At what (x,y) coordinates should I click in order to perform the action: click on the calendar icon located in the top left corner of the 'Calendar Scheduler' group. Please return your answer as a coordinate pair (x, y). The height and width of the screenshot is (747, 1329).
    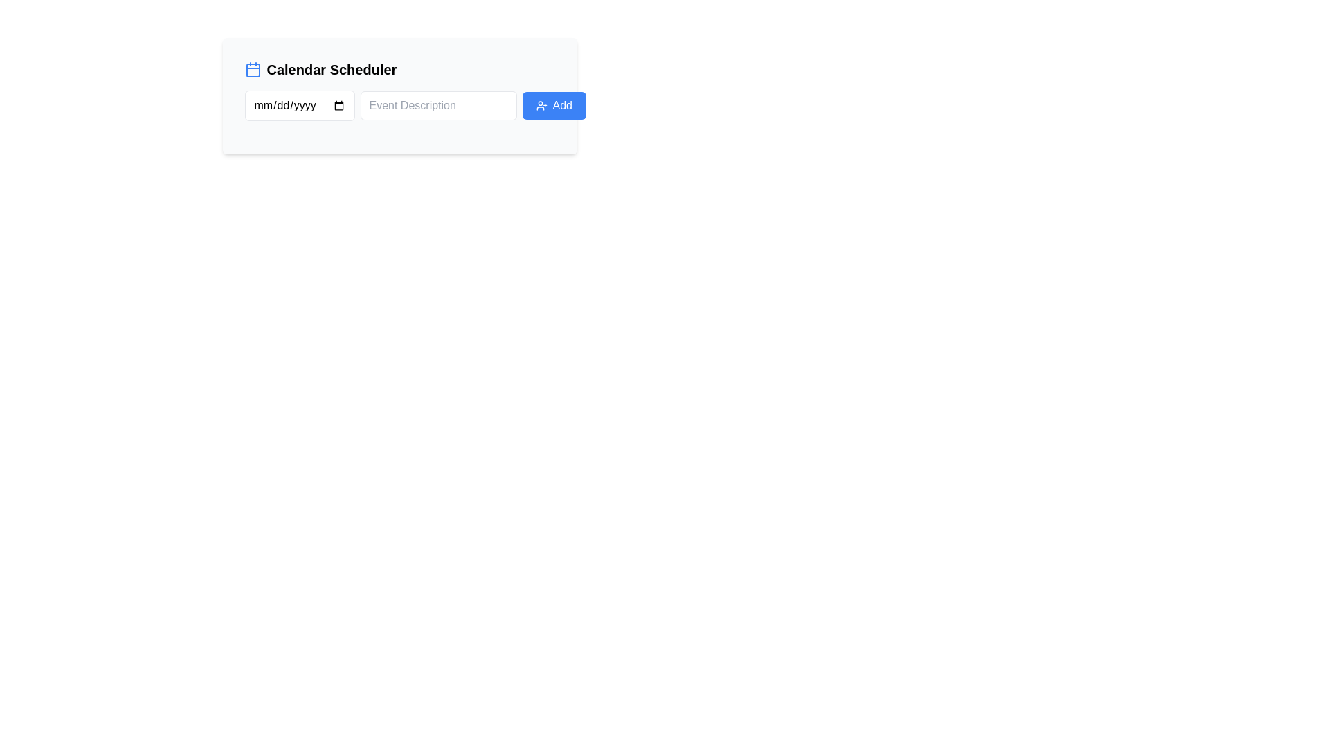
    Looking at the image, I should click on (253, 69).